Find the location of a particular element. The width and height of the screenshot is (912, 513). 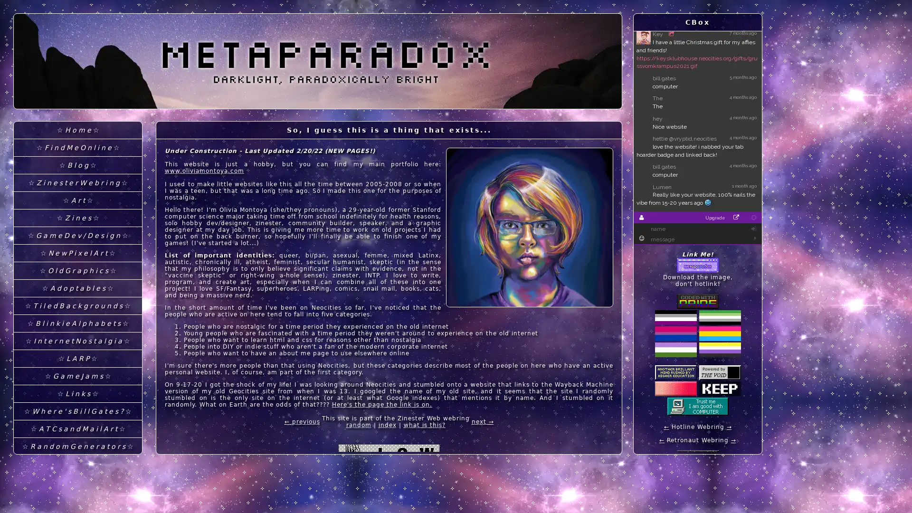

B l o g is located at coordinates (77, 165).